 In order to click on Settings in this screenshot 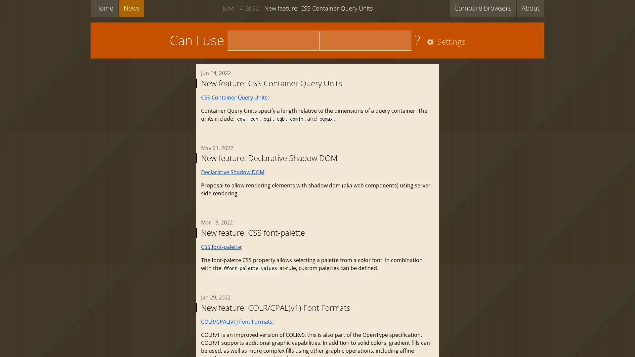, I will do `click(444, 42)`.